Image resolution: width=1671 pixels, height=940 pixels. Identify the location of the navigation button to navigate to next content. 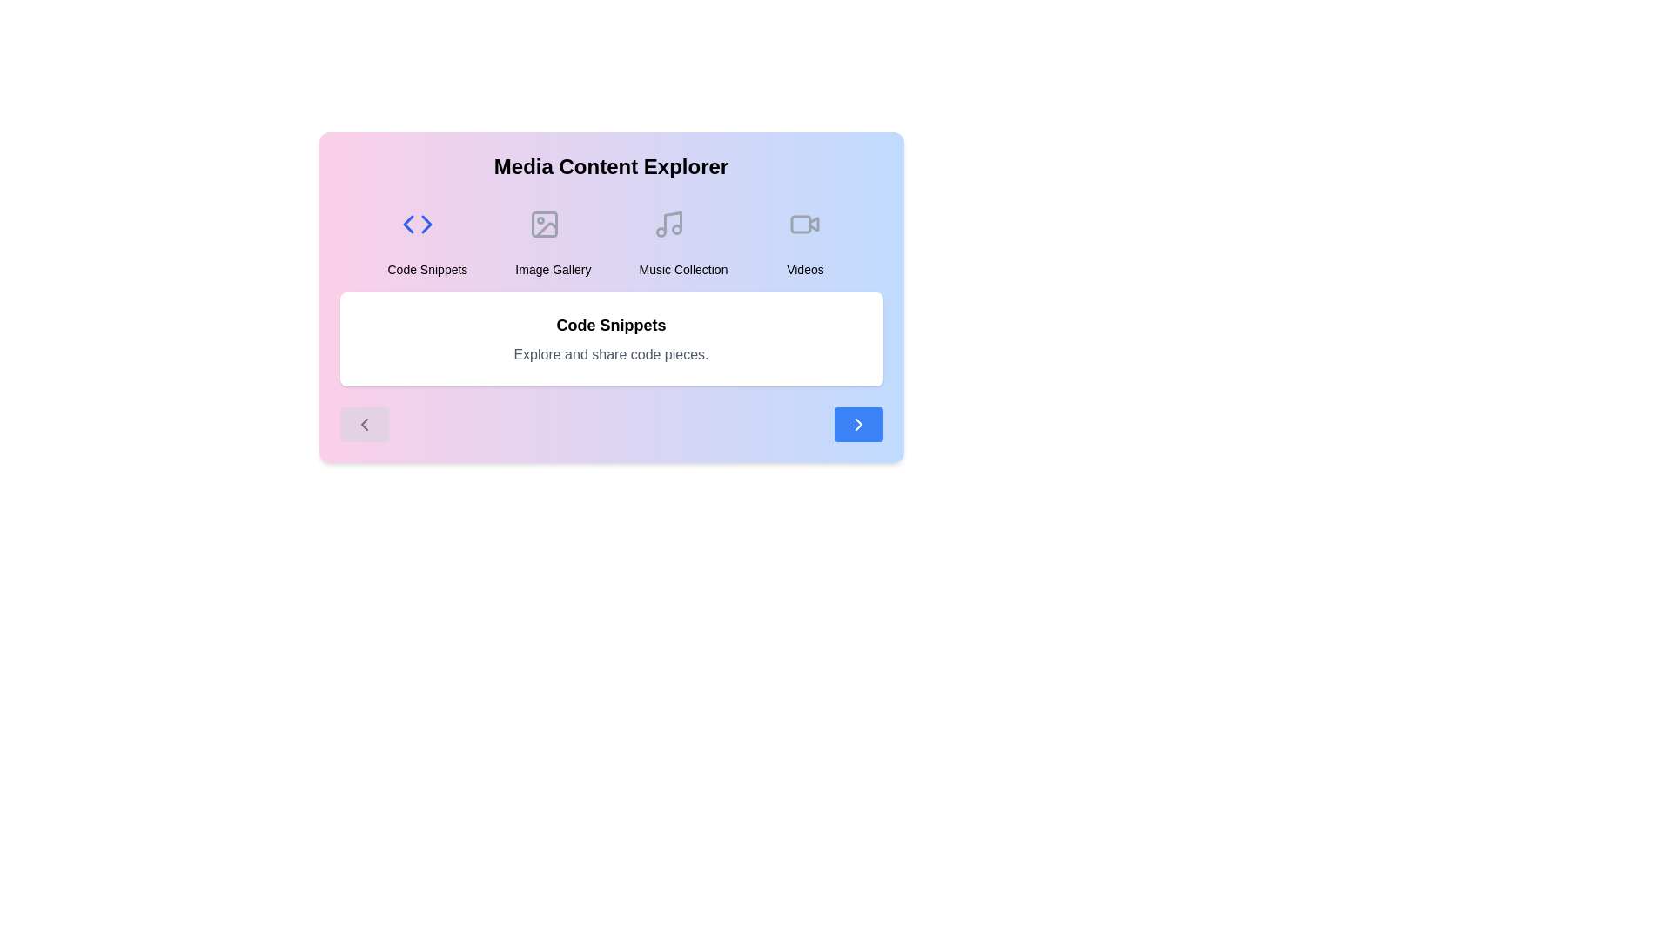
(858, 425).